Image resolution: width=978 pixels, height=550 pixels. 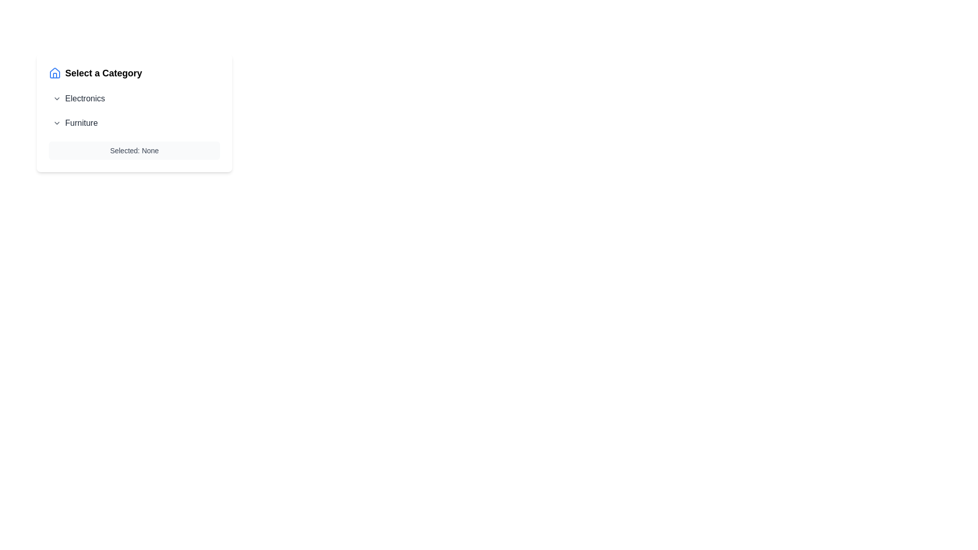 What do you see at coordinates (55, 72) in the screenshot?
I see `the 'Home' icon located to the left of the 'Select a Category' text label in the category selection interface` at bounding box center [55, 72].